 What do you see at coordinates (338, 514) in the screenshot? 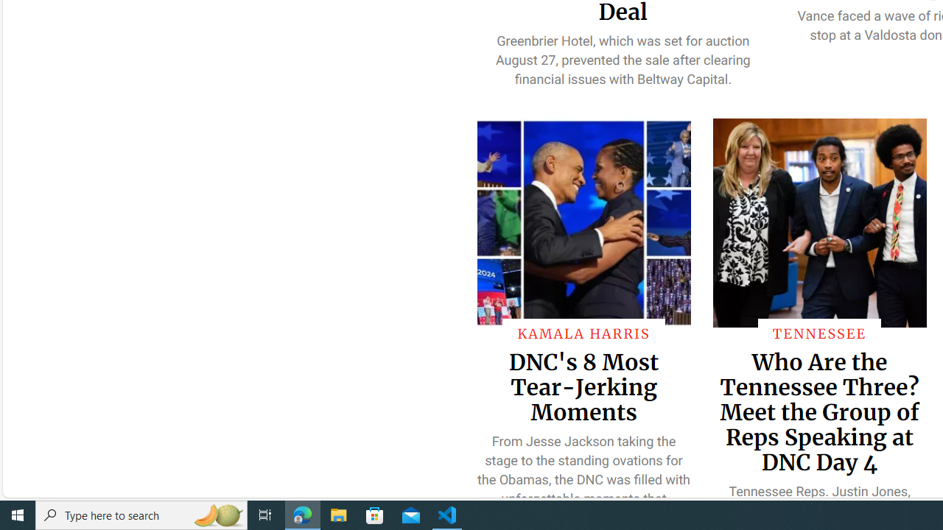
I see `'File Explorer'` at bounding box center [338, 514].